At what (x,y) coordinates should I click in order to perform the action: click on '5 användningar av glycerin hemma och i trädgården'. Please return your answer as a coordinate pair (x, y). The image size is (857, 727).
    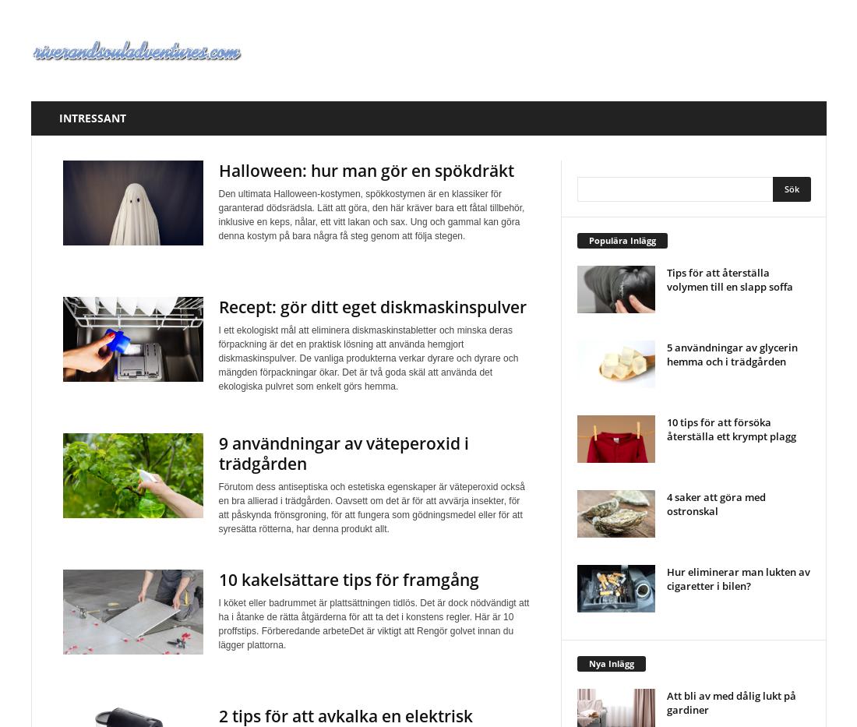
    Looking at the image, I should click on (731, 352).